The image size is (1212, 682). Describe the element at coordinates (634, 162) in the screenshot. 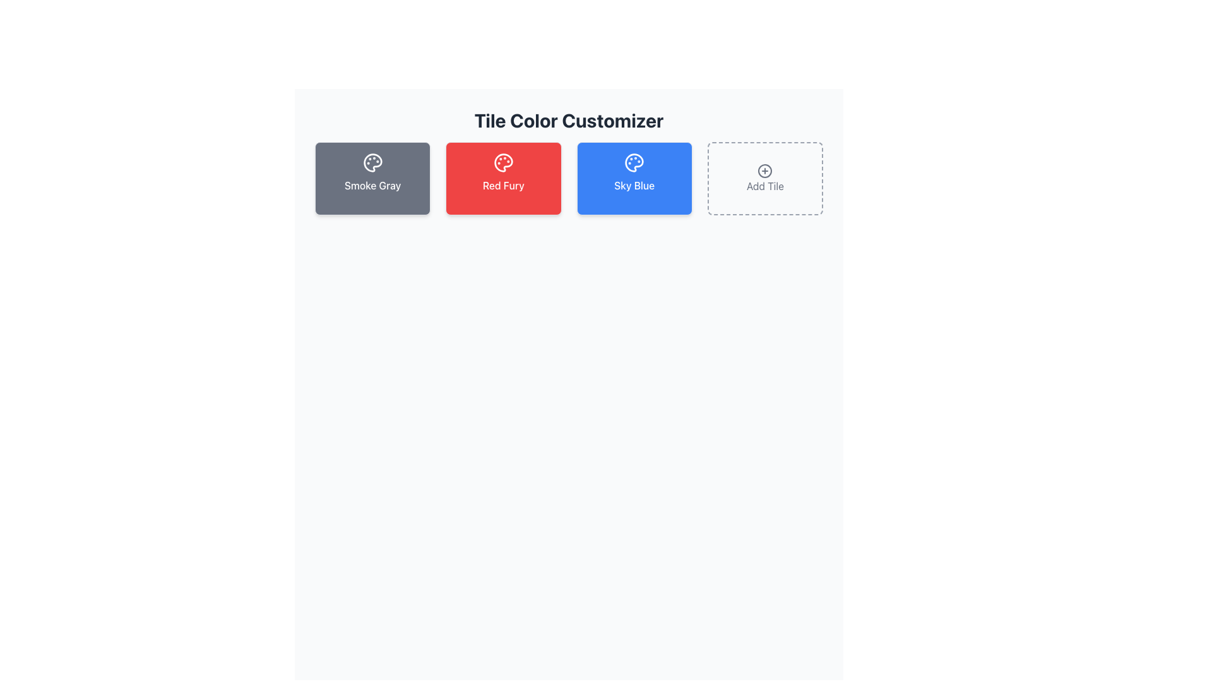

I see `the color palette icon located in the center-top region of the 'Sky Blue' tile, which is the third tile in the color customizer section` at that location.